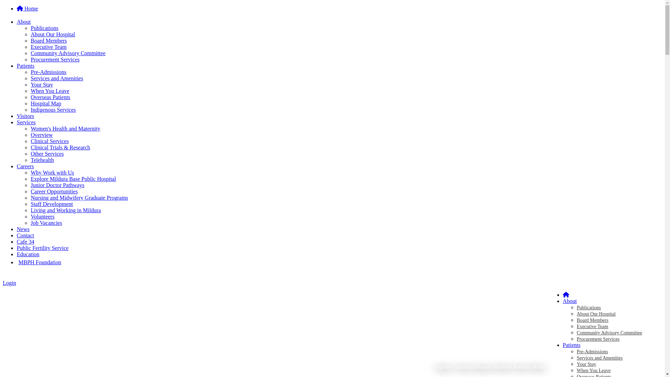 The height and width of the screenshot is (377, 670). I want to click on 'Explore Mildura Base Public Hospital', so click(73, 178).